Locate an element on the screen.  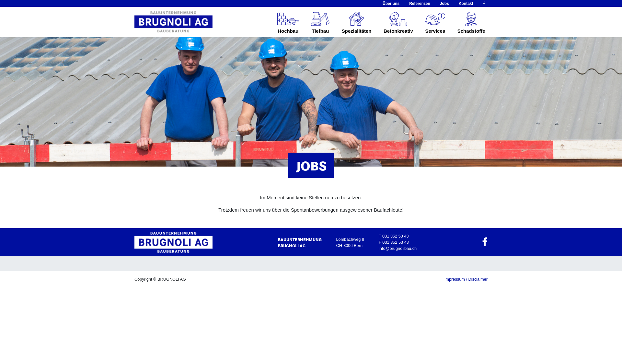
'info@brugnolibau.ch' is located at coordinates (379, 248).